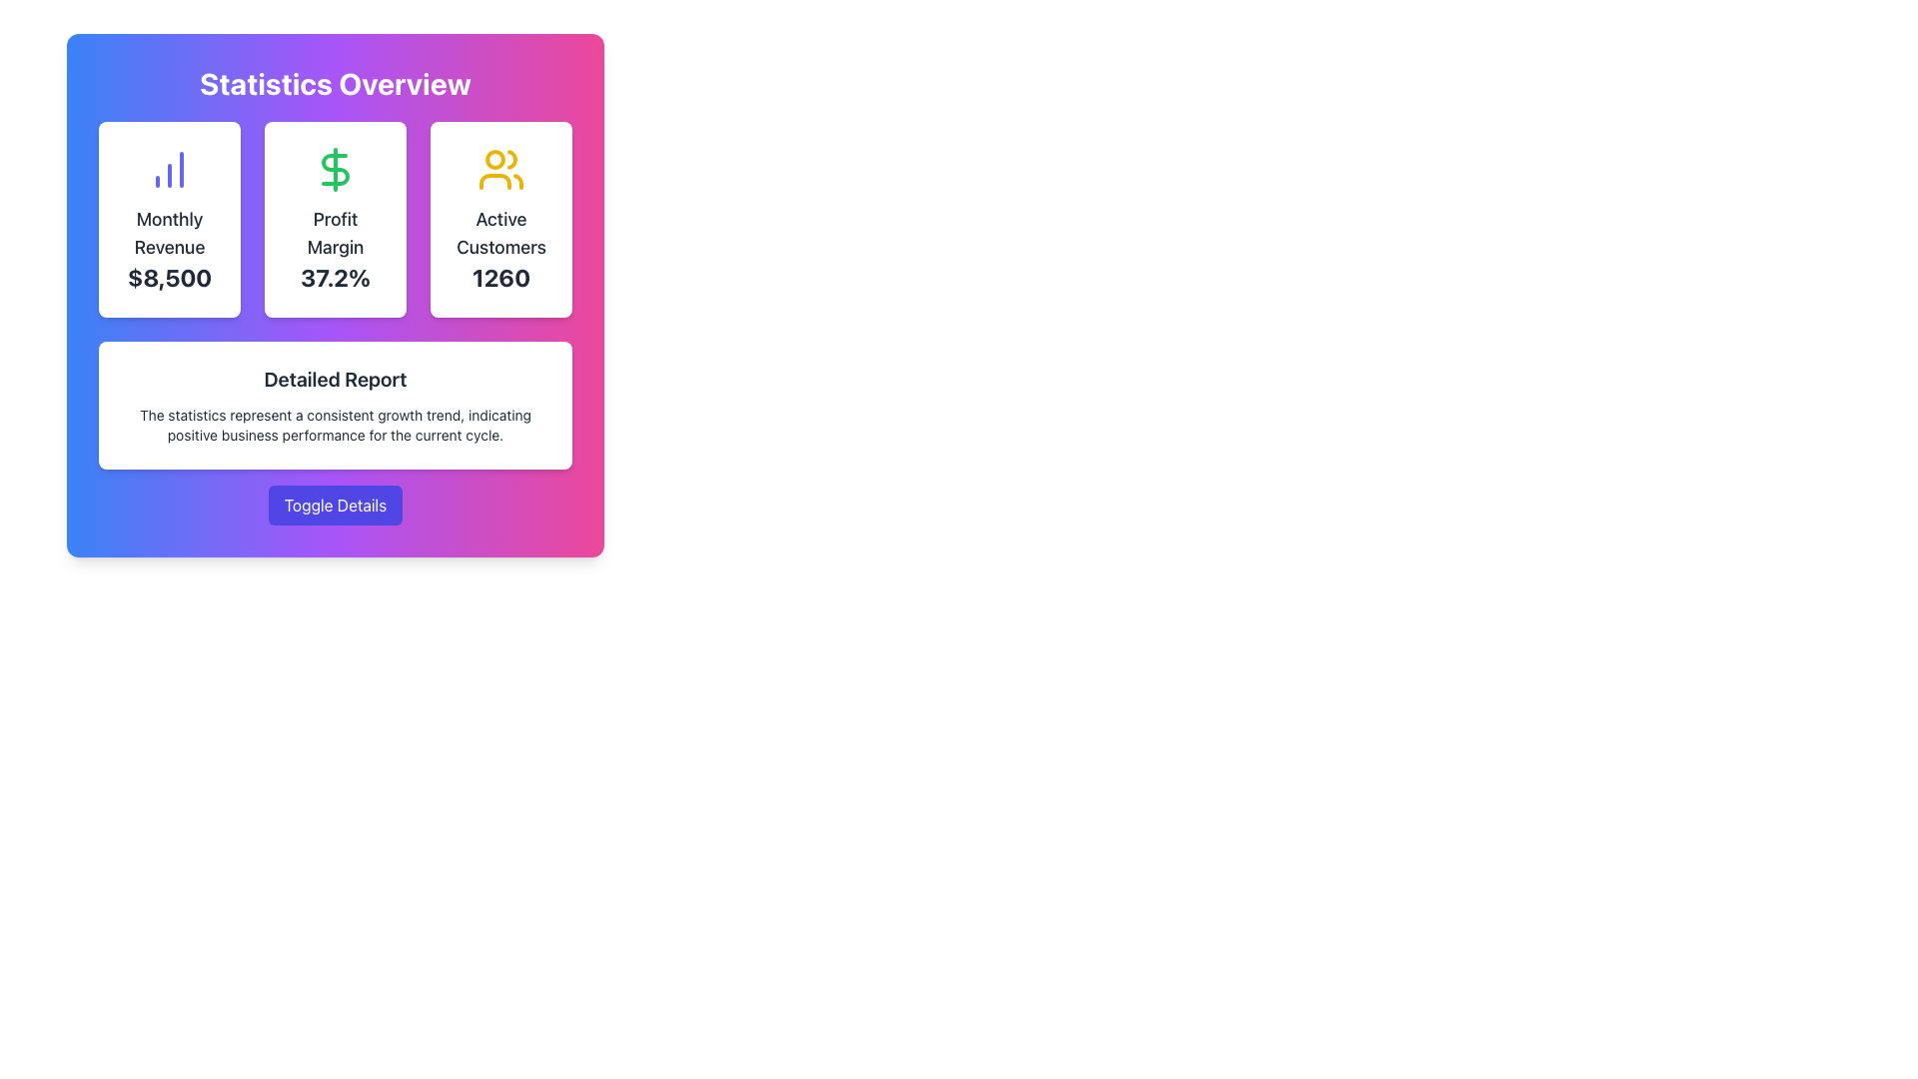 This screenshot has width=1918, height=1079. I want to click on the static informational text label displaying the number of active customers located beneath the 'Active Customers' descriptive text within the rightmost statistics card, so click(501, 277).